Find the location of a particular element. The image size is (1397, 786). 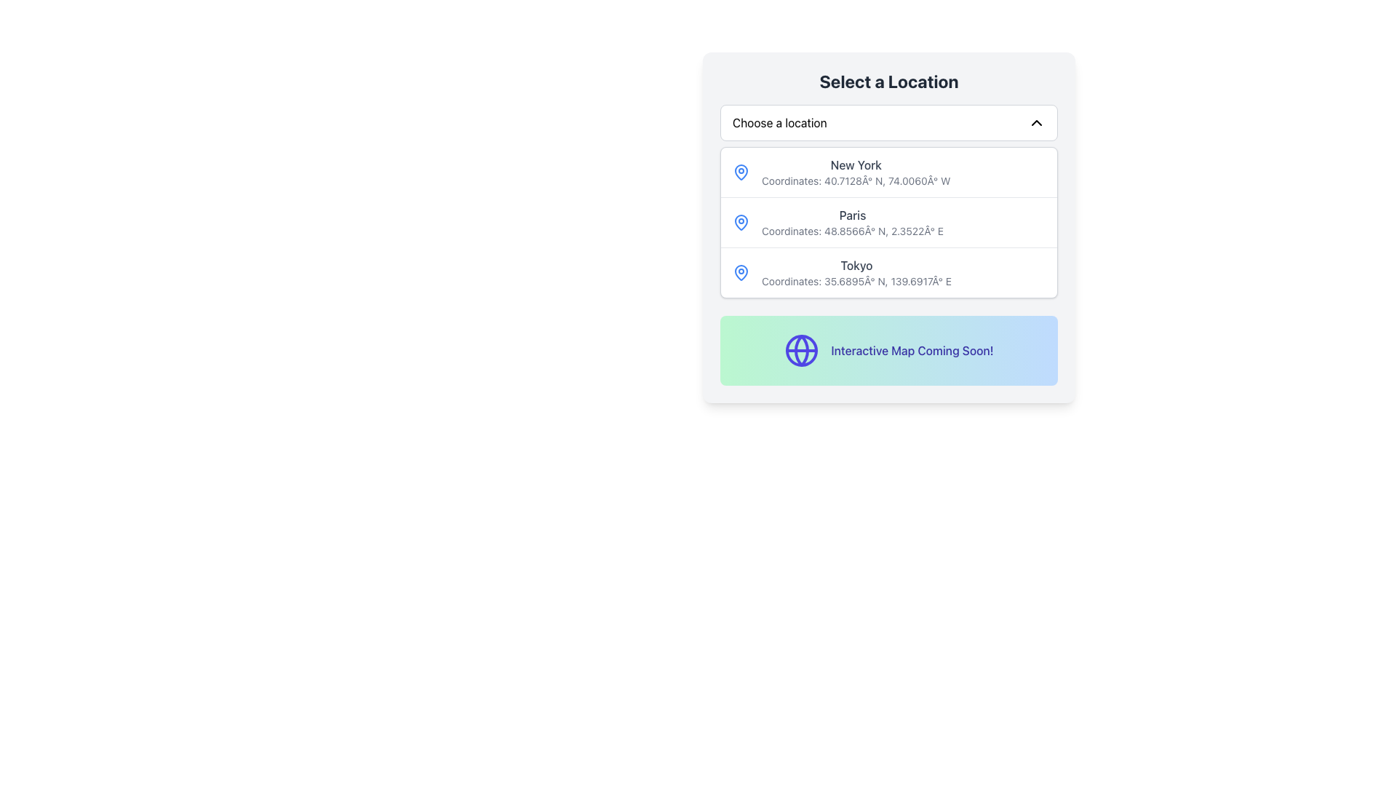

the text label displaying 'Paris' located as the second item under the header 'Select a Location.' is located at coordinates (852, 222).